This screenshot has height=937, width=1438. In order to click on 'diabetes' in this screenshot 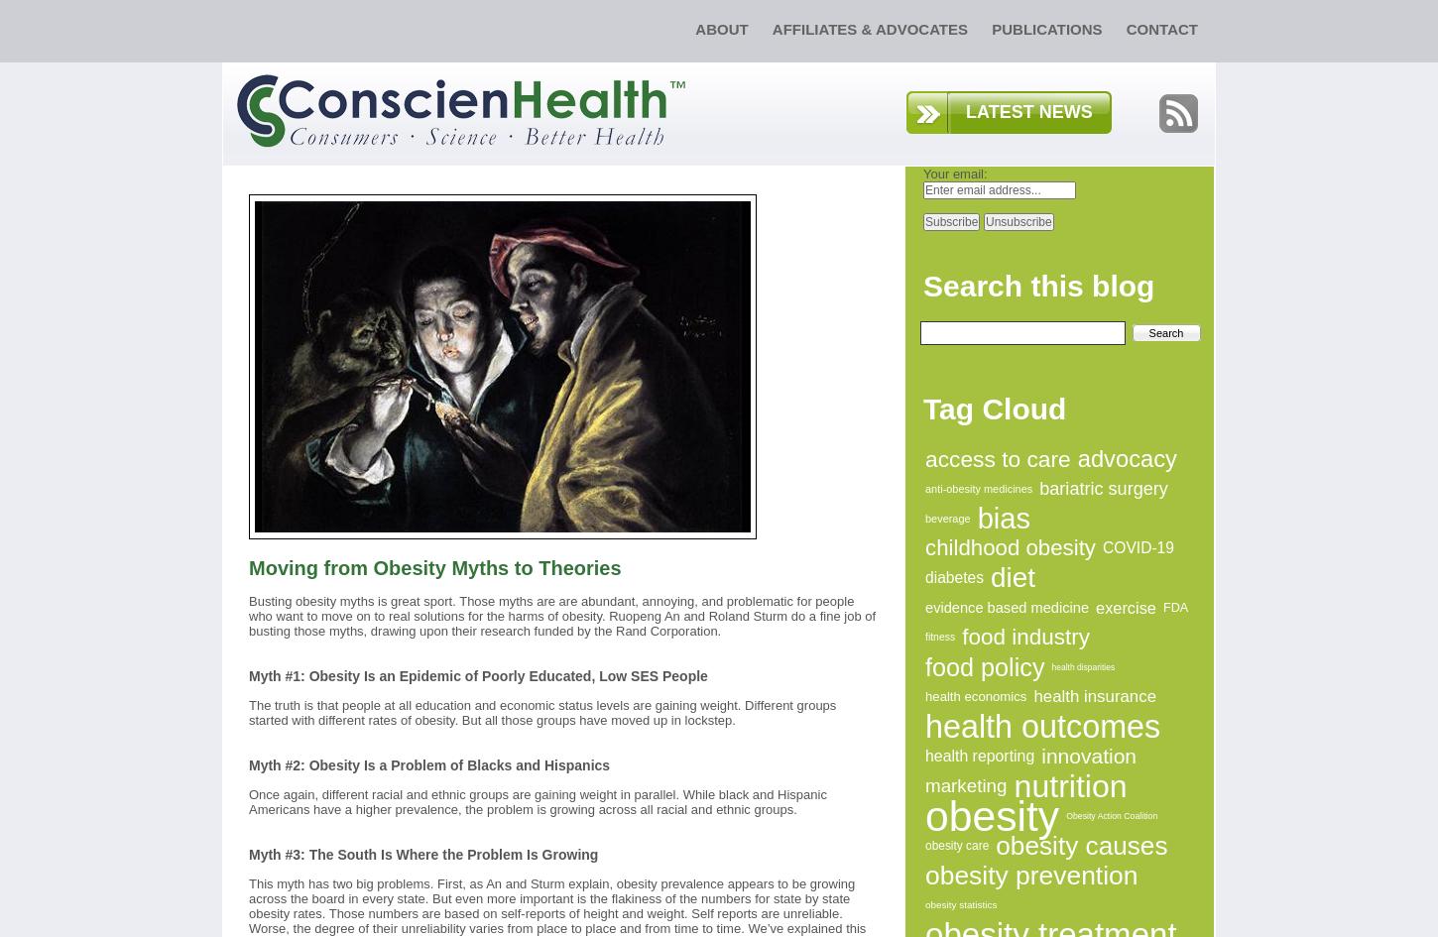, I will do `click(953, 577)`.